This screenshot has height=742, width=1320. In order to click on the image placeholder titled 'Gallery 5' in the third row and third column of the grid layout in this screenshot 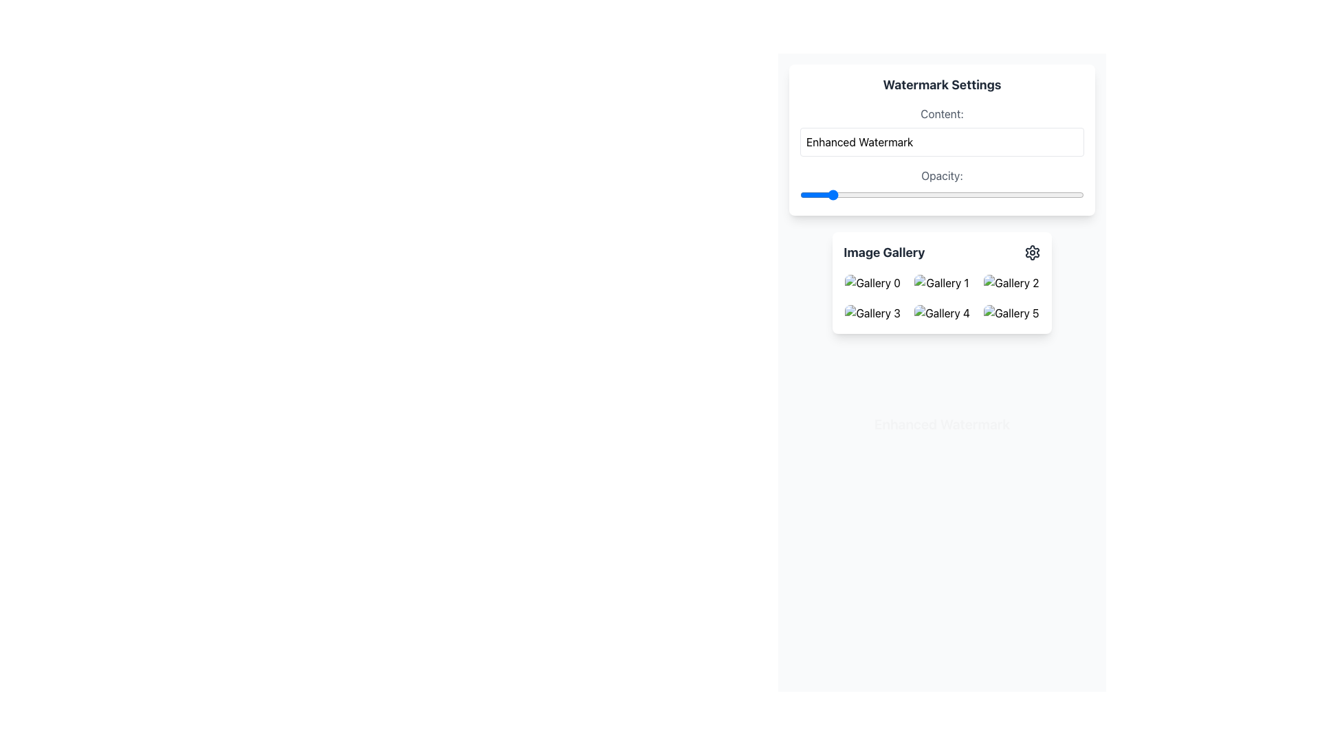, I will do `click(1011, 313)`.